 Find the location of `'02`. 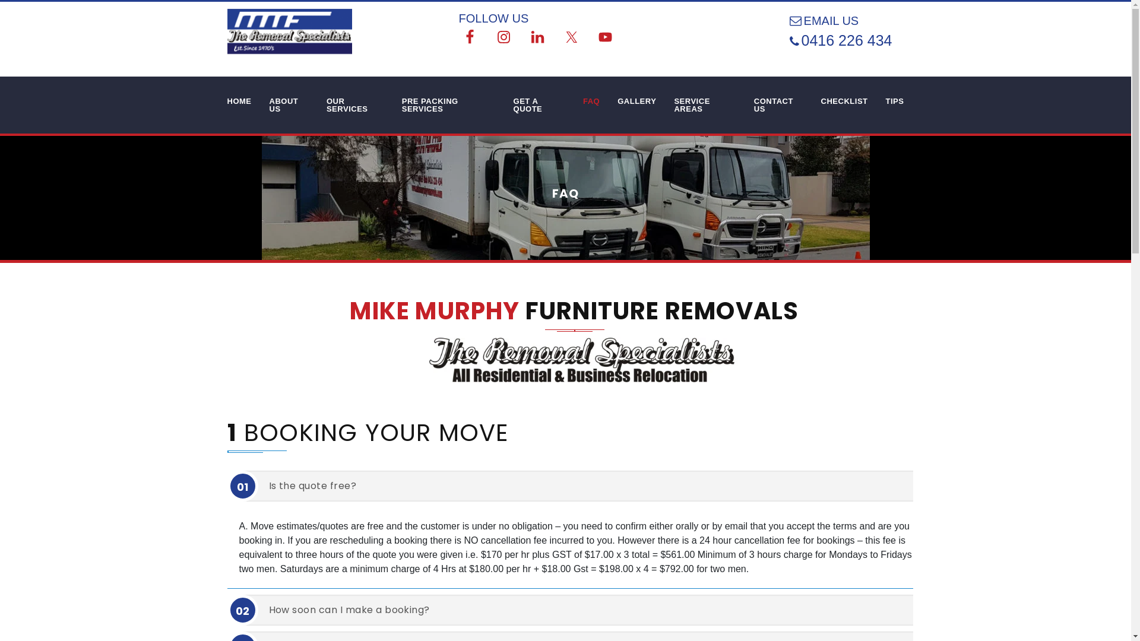

'02 is located at coordinates (583, 610).